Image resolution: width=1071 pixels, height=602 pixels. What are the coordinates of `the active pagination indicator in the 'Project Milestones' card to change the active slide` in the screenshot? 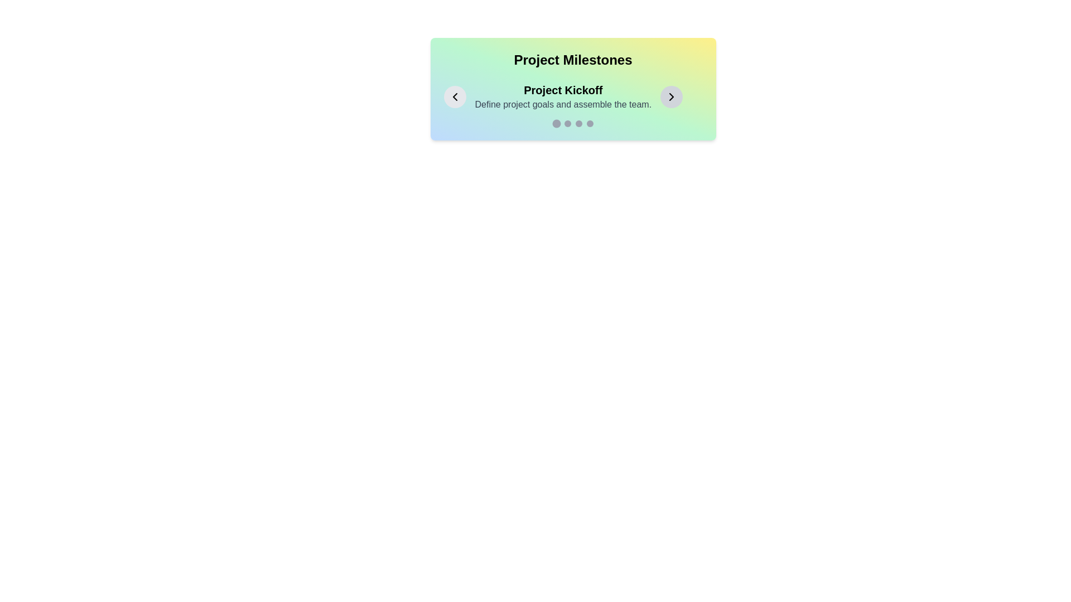 It's located at (573, 124).